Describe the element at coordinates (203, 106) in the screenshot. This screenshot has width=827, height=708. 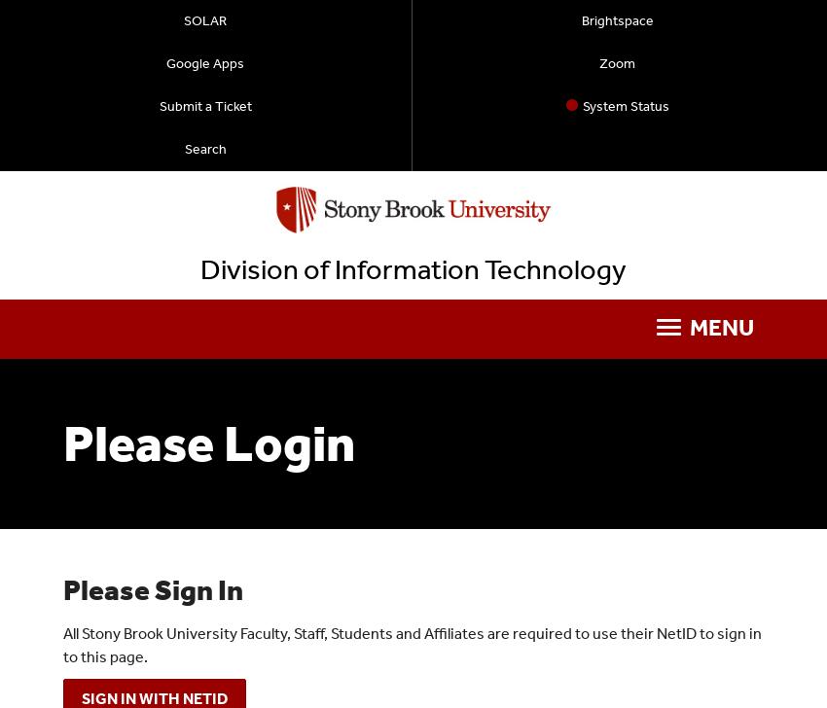
I see `'Submit a Ticket'` at that location.